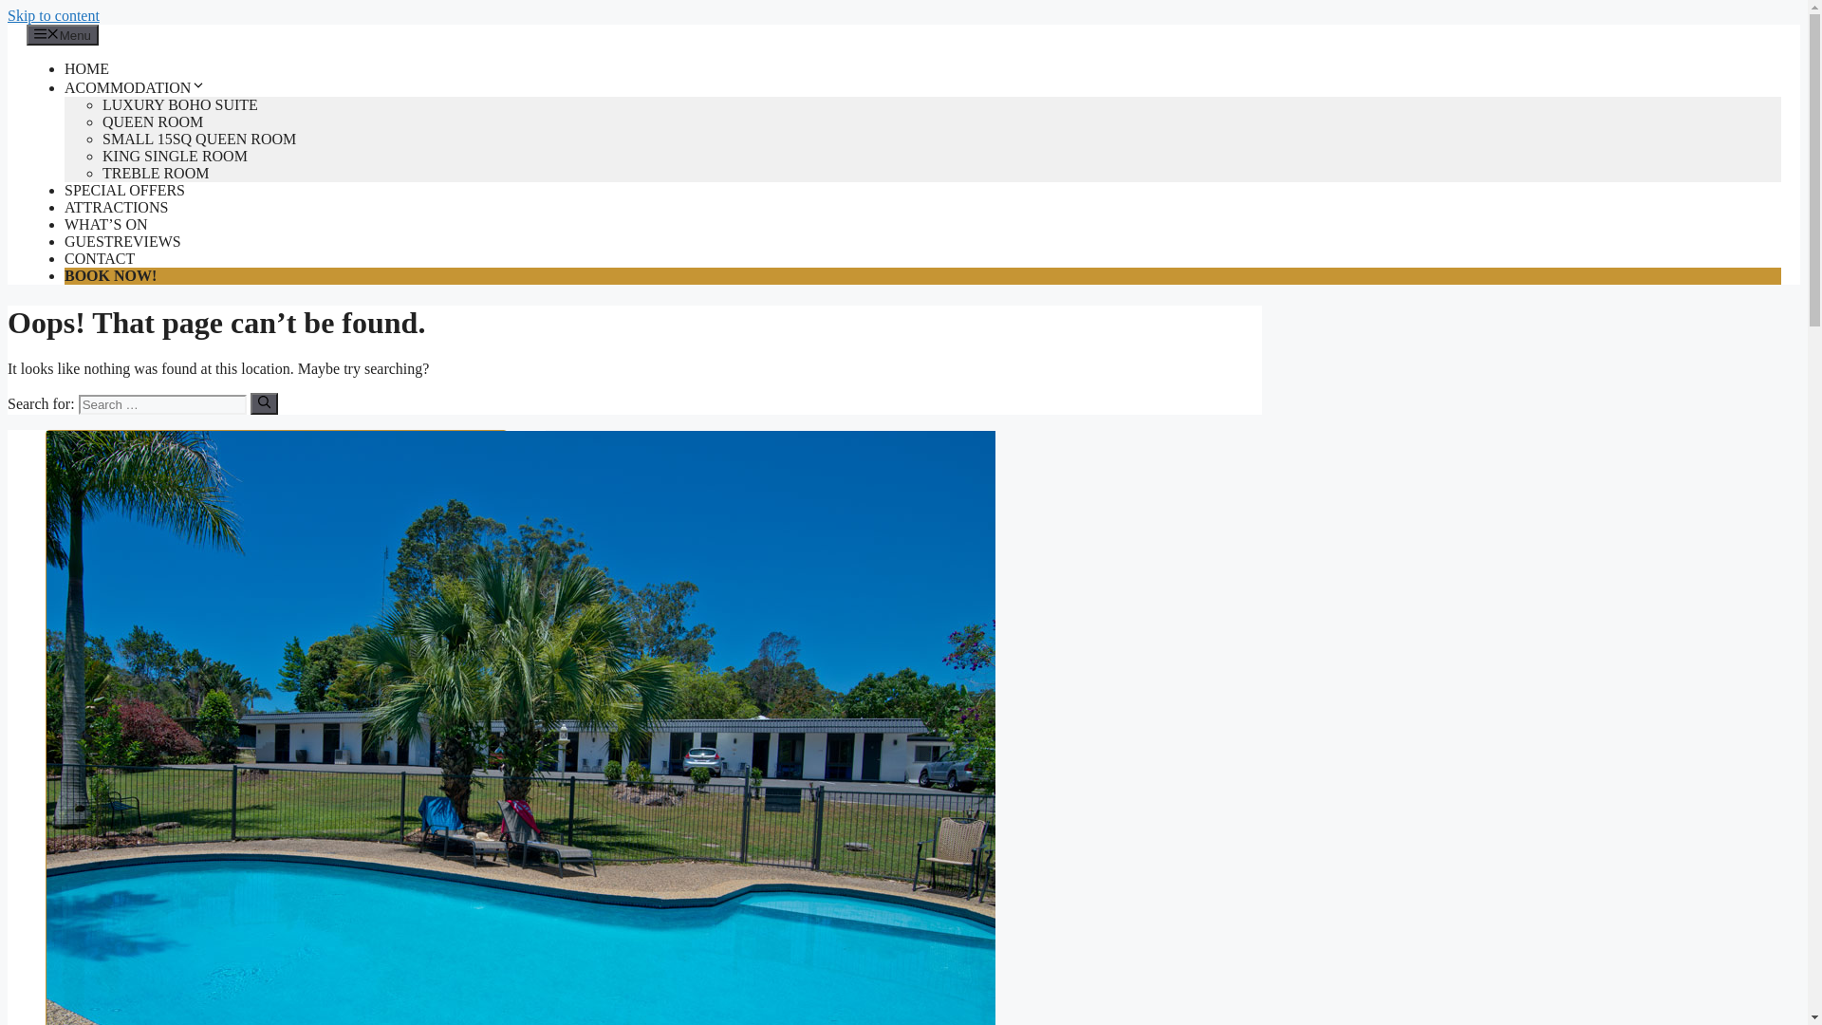 This screenshot has width=1822, height=1025. What do you see at coordinates (85, 67) in the screenshot?
I see `'HOME'` at bounding box center [85, 67].